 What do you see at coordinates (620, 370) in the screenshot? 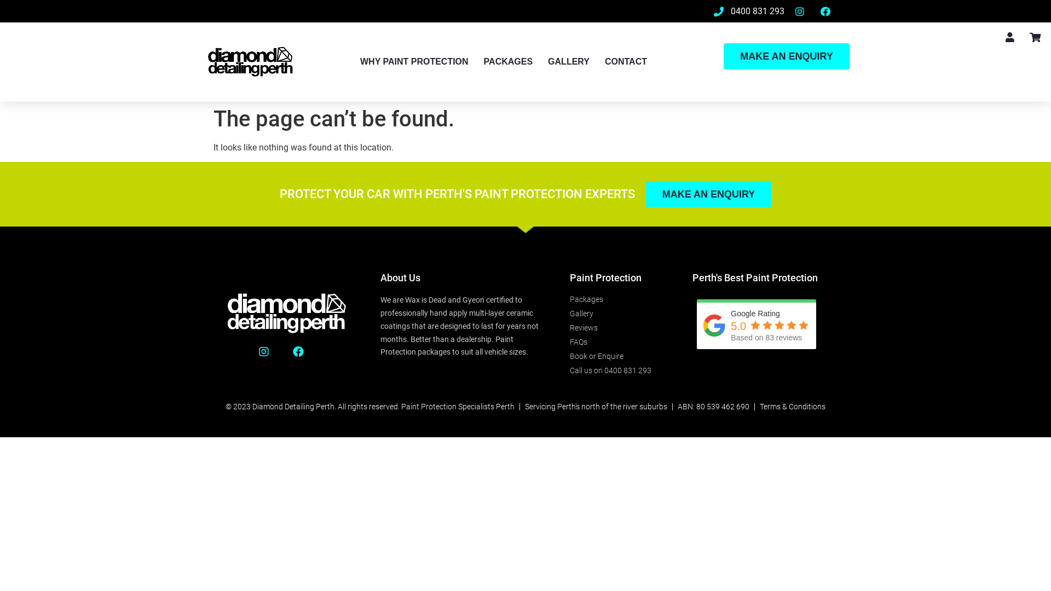
I see `'Call us on 0400 831 293'` at bounding box center [620, 370].